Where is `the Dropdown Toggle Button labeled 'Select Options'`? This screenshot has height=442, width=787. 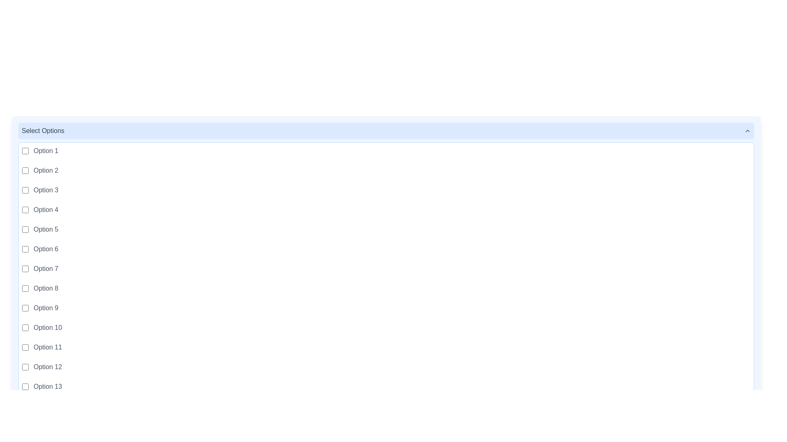 the Dropdown Toggle Button labeled 'Select Options' is located at coordinates (386, 131).